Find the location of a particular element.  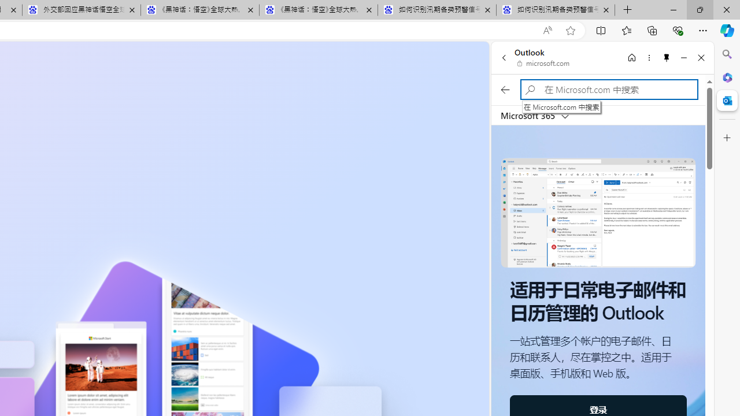

'Customize' is located at coordinates (727, 138).